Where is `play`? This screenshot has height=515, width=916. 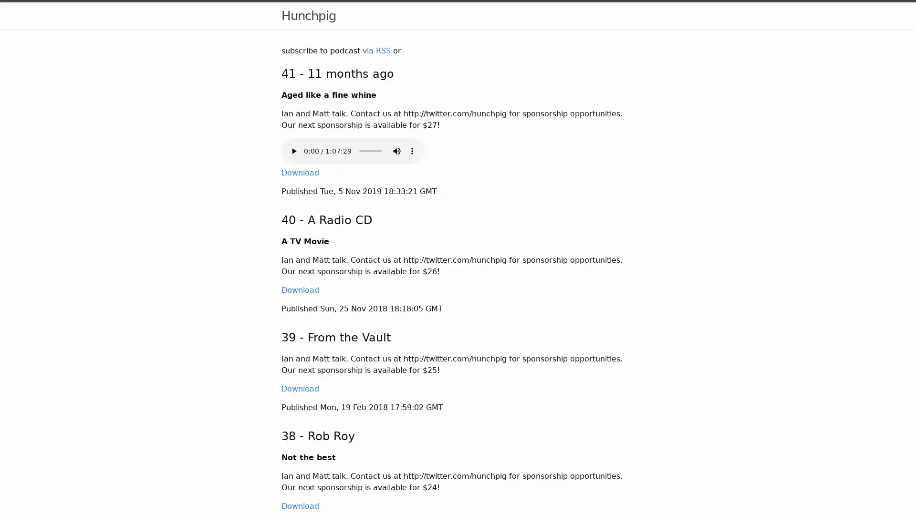 play is located at coordinates (293, 150).